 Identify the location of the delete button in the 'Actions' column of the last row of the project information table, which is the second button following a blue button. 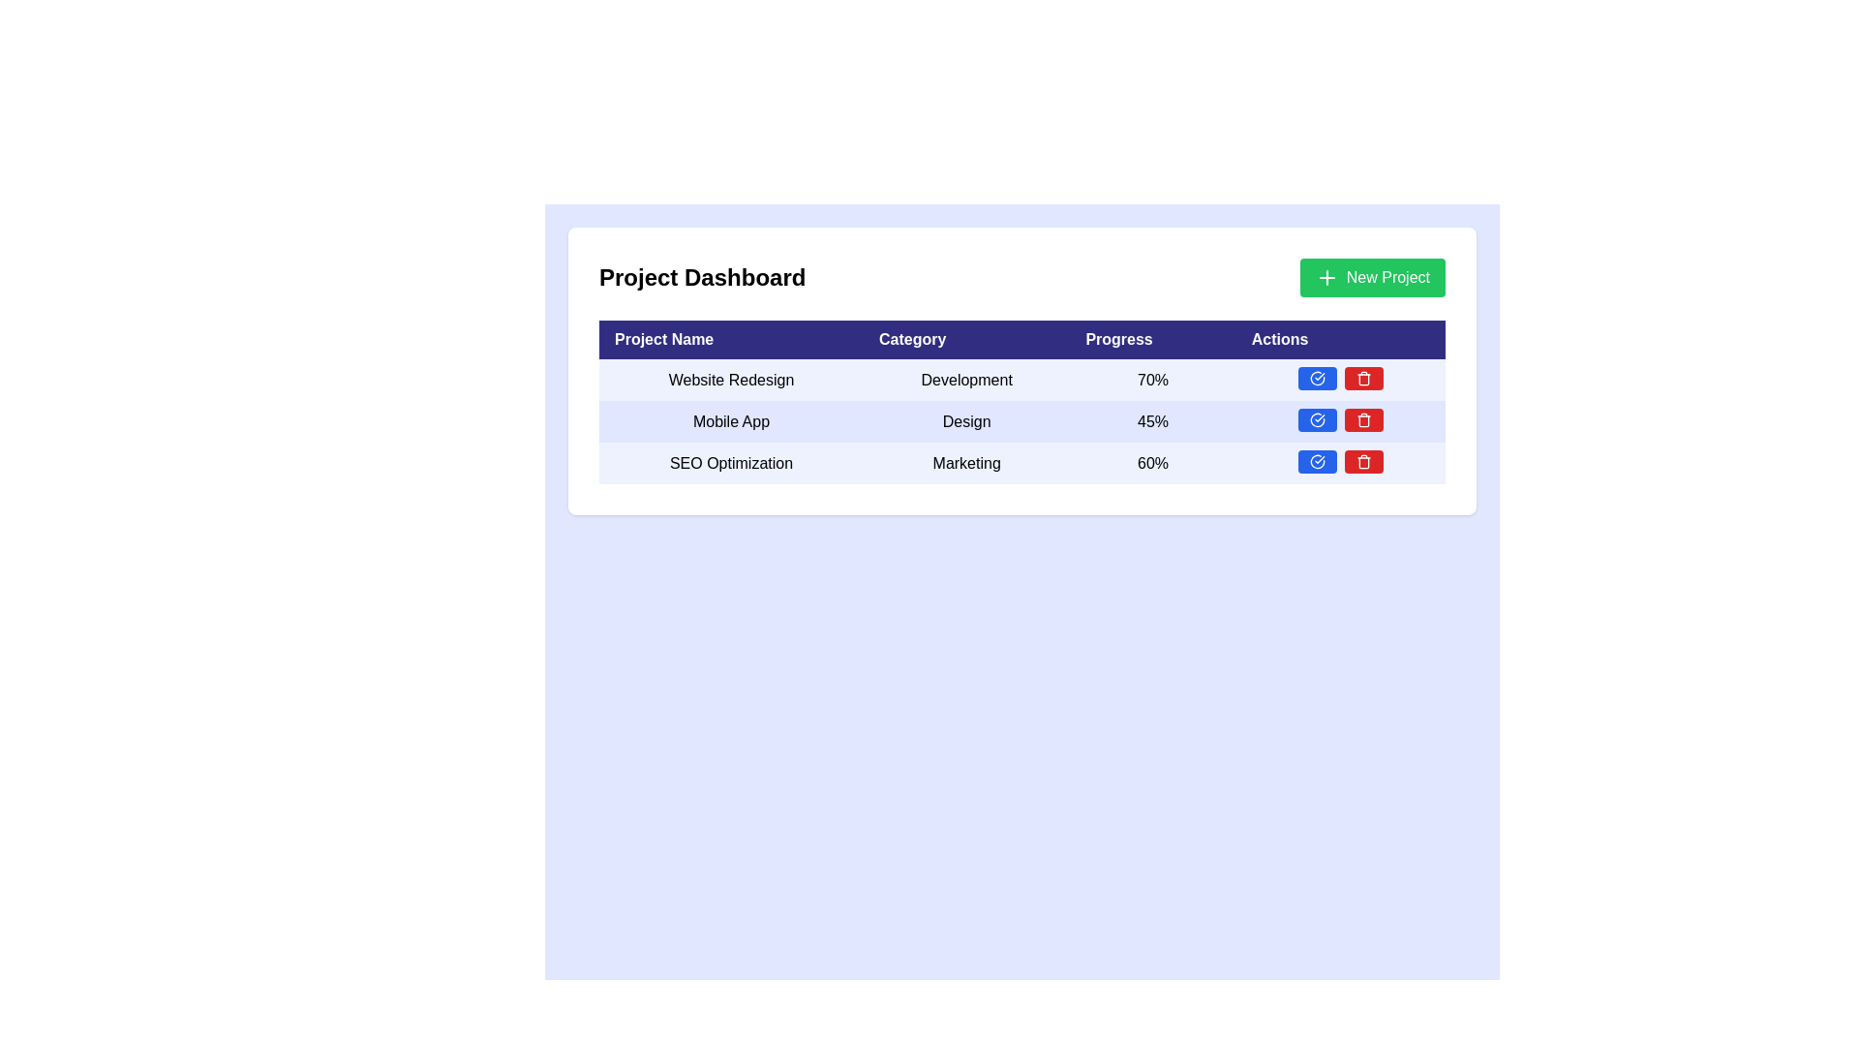
(1362, 378).